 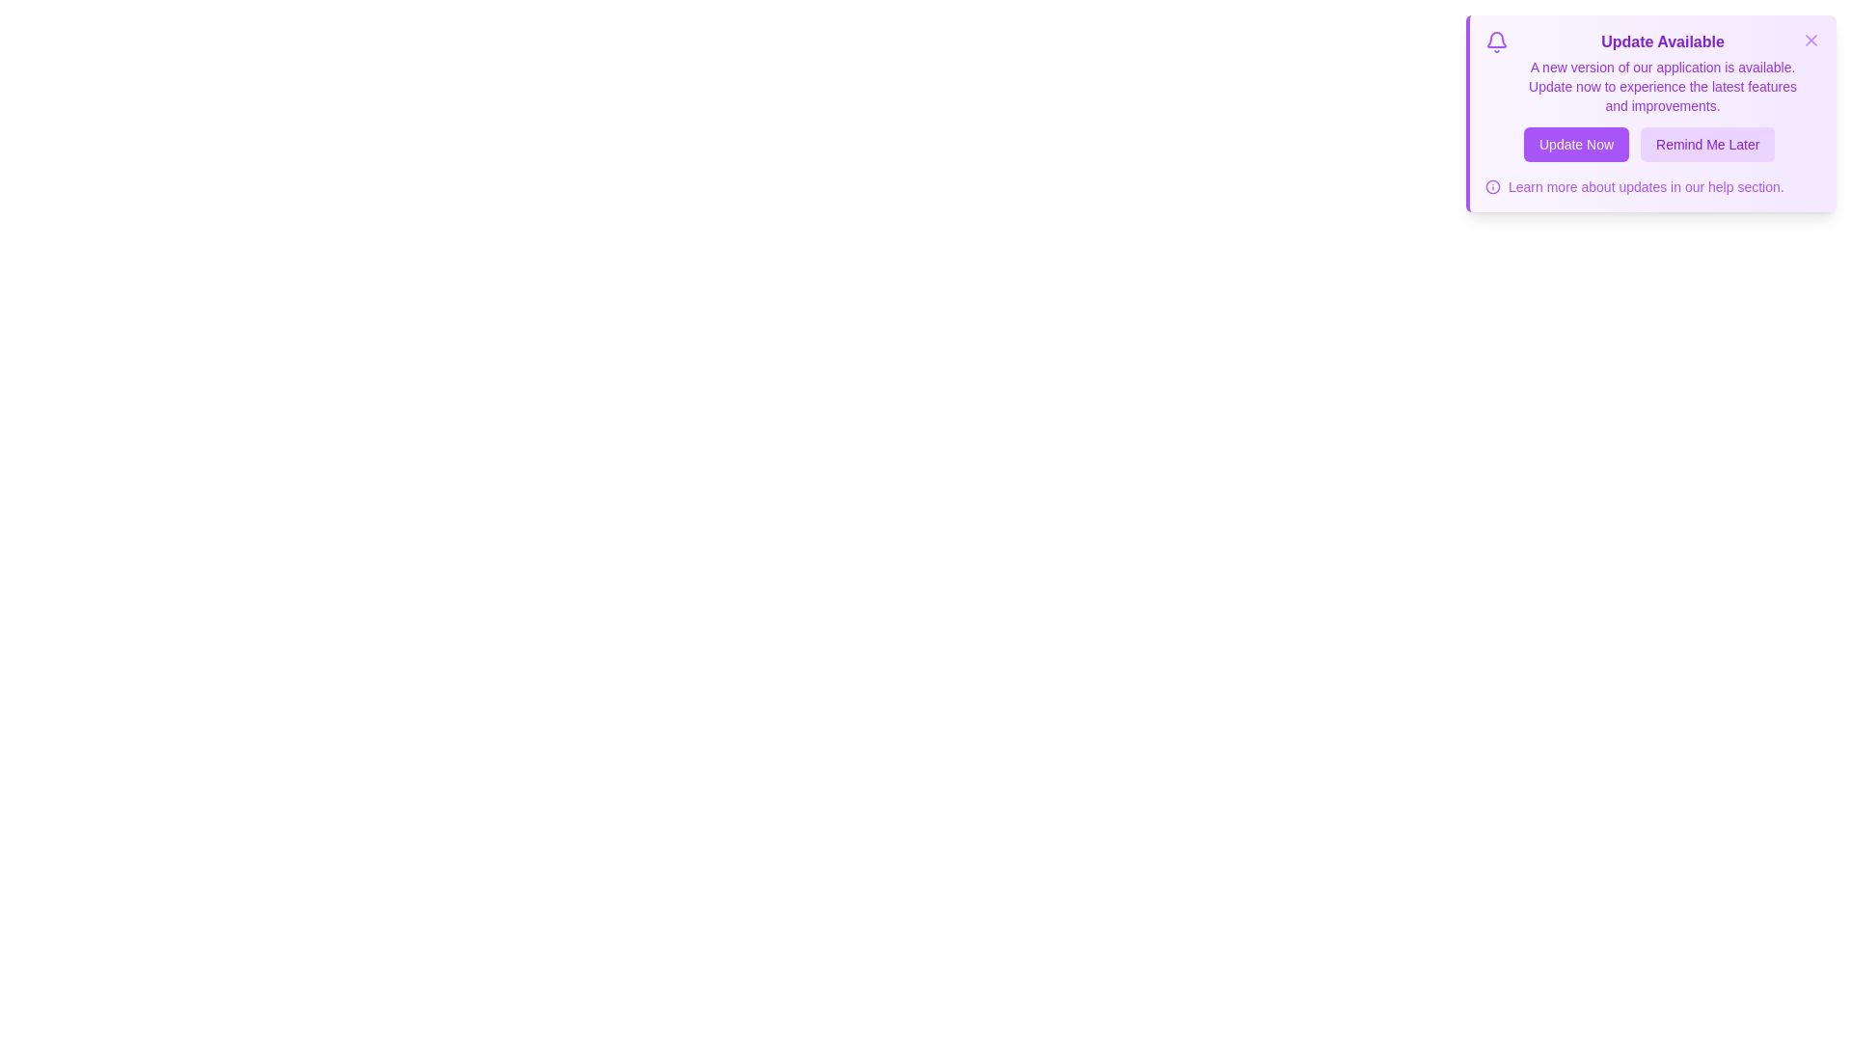 What do you see at coordinates (1650, 114) in the screenshot?
I see `the notification card to read its content` at bounding box center [1650, 114].